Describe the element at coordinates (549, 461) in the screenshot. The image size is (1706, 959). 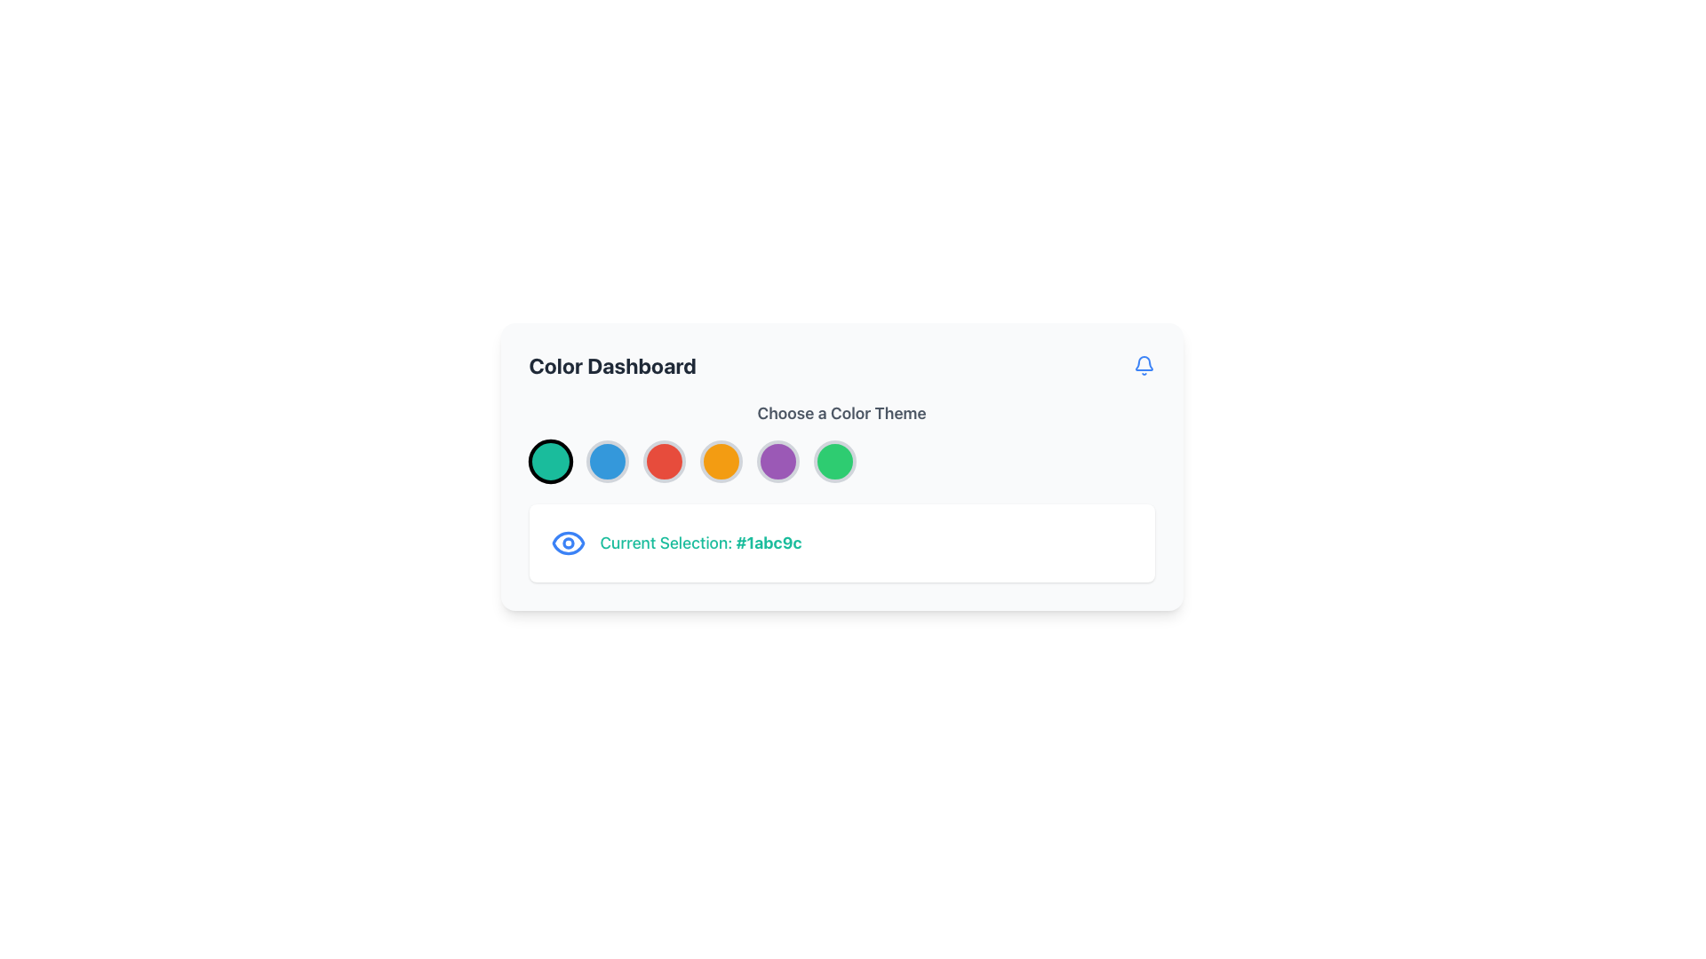
I see `the first circular button in the color theme chooser interface` at that location.